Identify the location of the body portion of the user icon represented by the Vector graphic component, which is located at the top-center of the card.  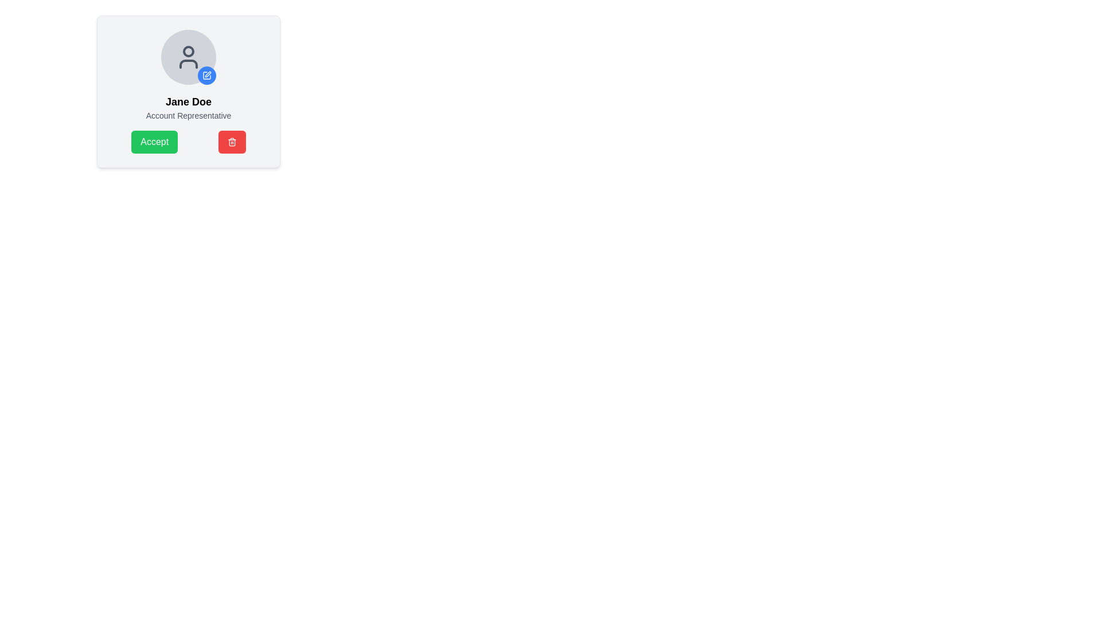
(189, 64).